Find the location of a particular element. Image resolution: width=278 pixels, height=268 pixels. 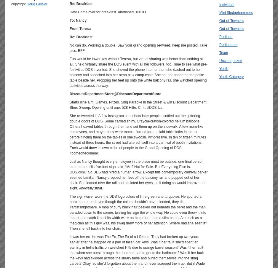

'Portlanders' is located at coordinates (228, 44).